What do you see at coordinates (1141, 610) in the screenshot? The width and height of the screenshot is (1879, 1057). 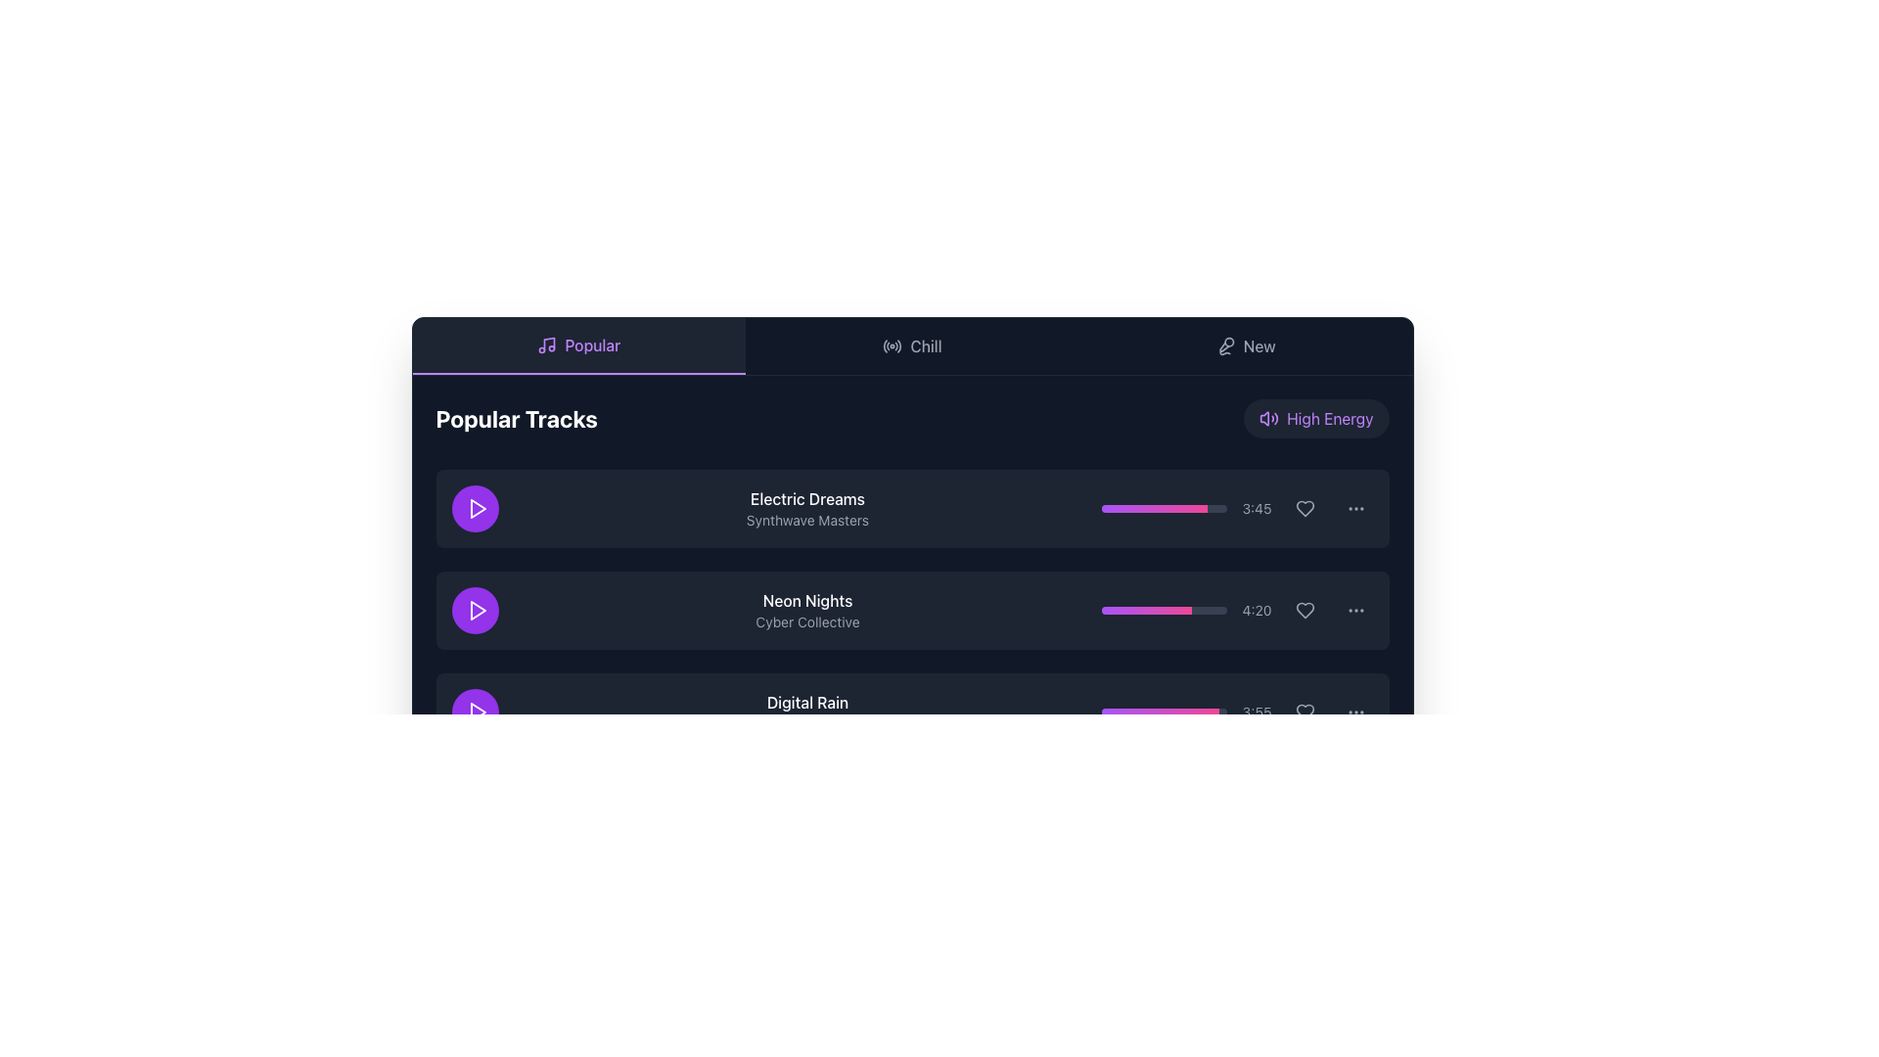 I see `progress` at bounding box center [1141, 610].